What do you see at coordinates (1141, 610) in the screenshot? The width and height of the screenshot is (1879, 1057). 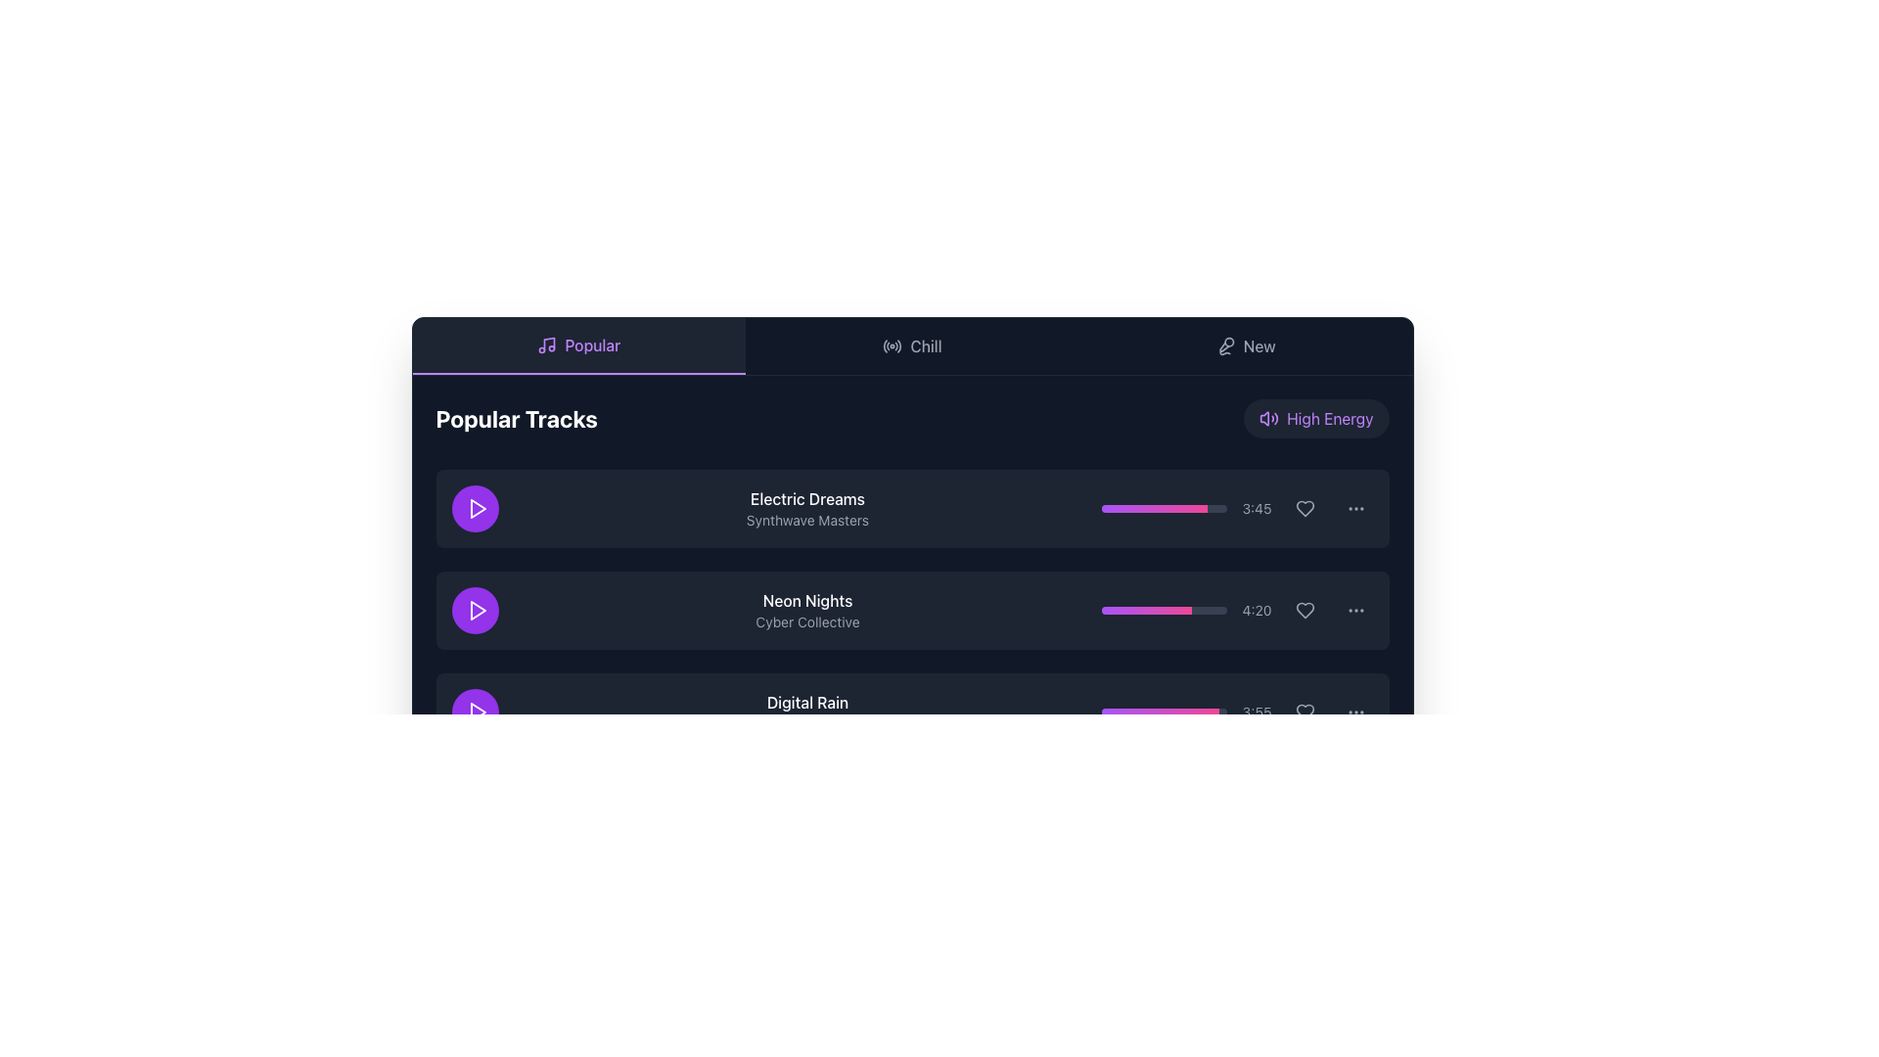 I see `progress` at bounding box center [1141, 610].